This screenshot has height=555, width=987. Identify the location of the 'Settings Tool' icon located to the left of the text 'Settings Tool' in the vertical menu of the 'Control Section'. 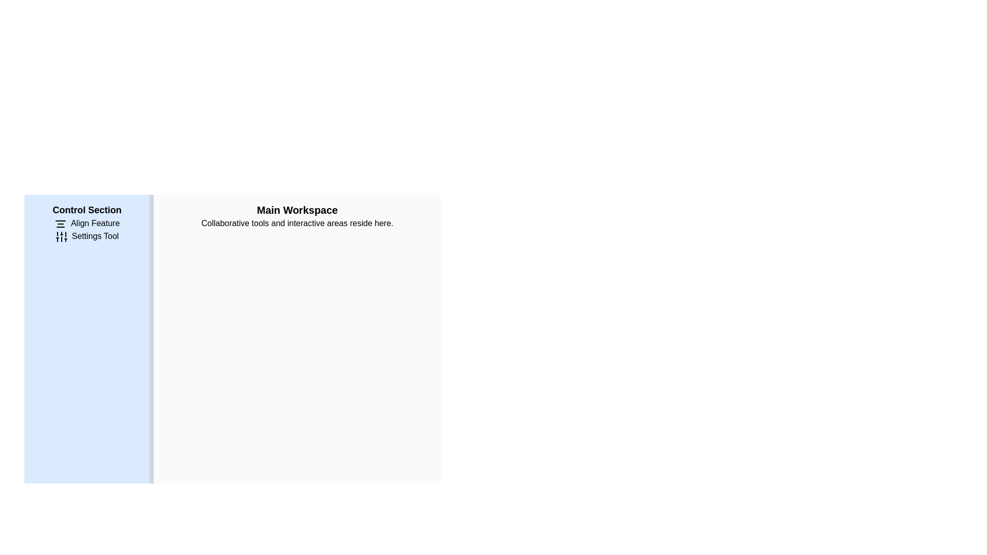
(61, 236).